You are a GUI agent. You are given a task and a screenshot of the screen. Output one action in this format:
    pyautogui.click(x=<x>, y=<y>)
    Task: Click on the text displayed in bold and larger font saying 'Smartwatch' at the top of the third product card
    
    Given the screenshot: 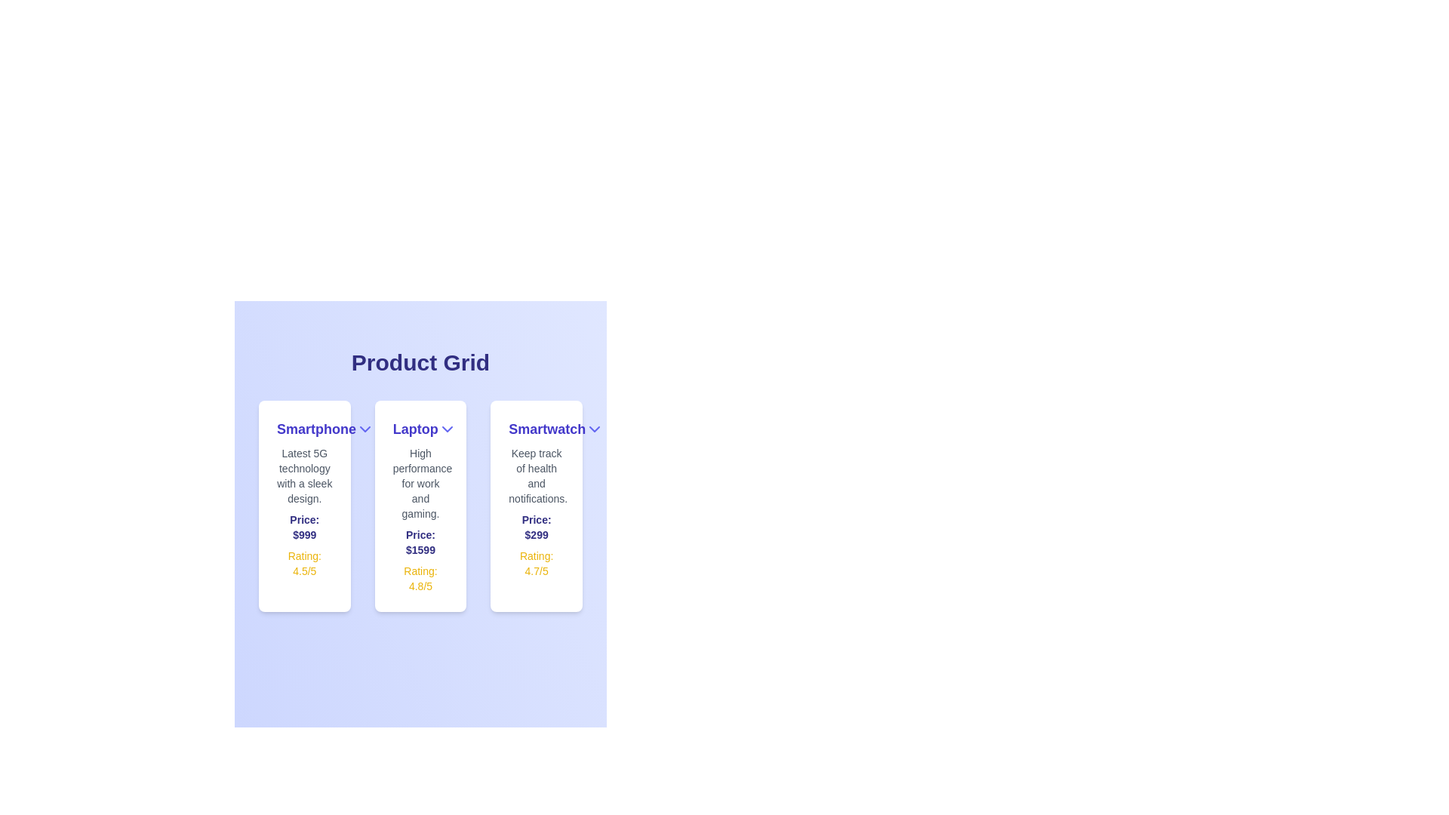 What is the action you would take?
    pyautogui.click(x=546, y=429)
    